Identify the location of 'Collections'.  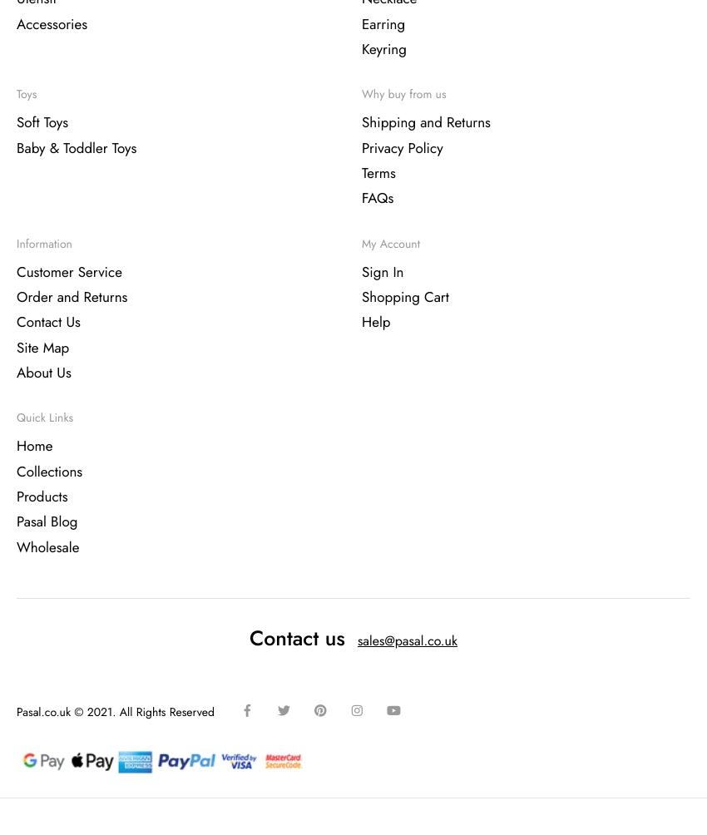
(49, 472).